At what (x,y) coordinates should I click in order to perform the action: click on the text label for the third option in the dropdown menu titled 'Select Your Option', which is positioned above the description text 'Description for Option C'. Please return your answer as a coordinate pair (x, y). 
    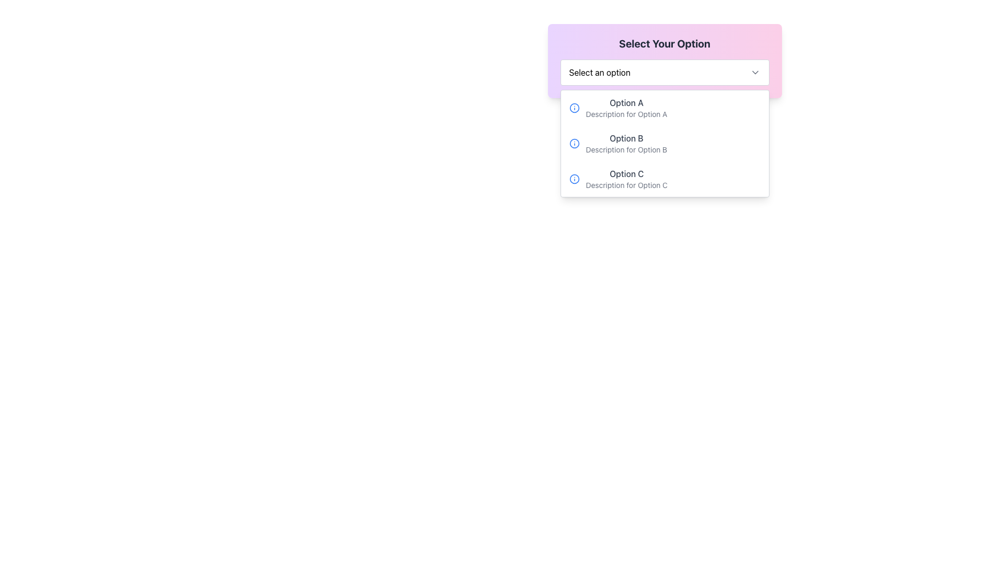
    Looking at the image, I should click on (626, 173).